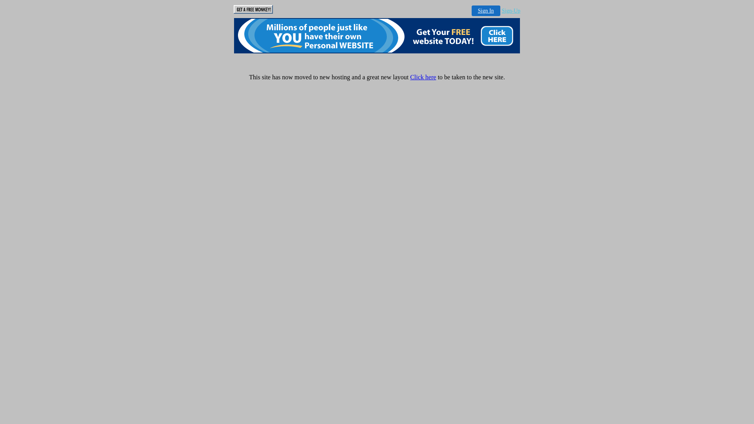  What do you see at coordinates (485, 11) in the screenshot?
I see `'Sign In'` at bounding box center [485, 11].